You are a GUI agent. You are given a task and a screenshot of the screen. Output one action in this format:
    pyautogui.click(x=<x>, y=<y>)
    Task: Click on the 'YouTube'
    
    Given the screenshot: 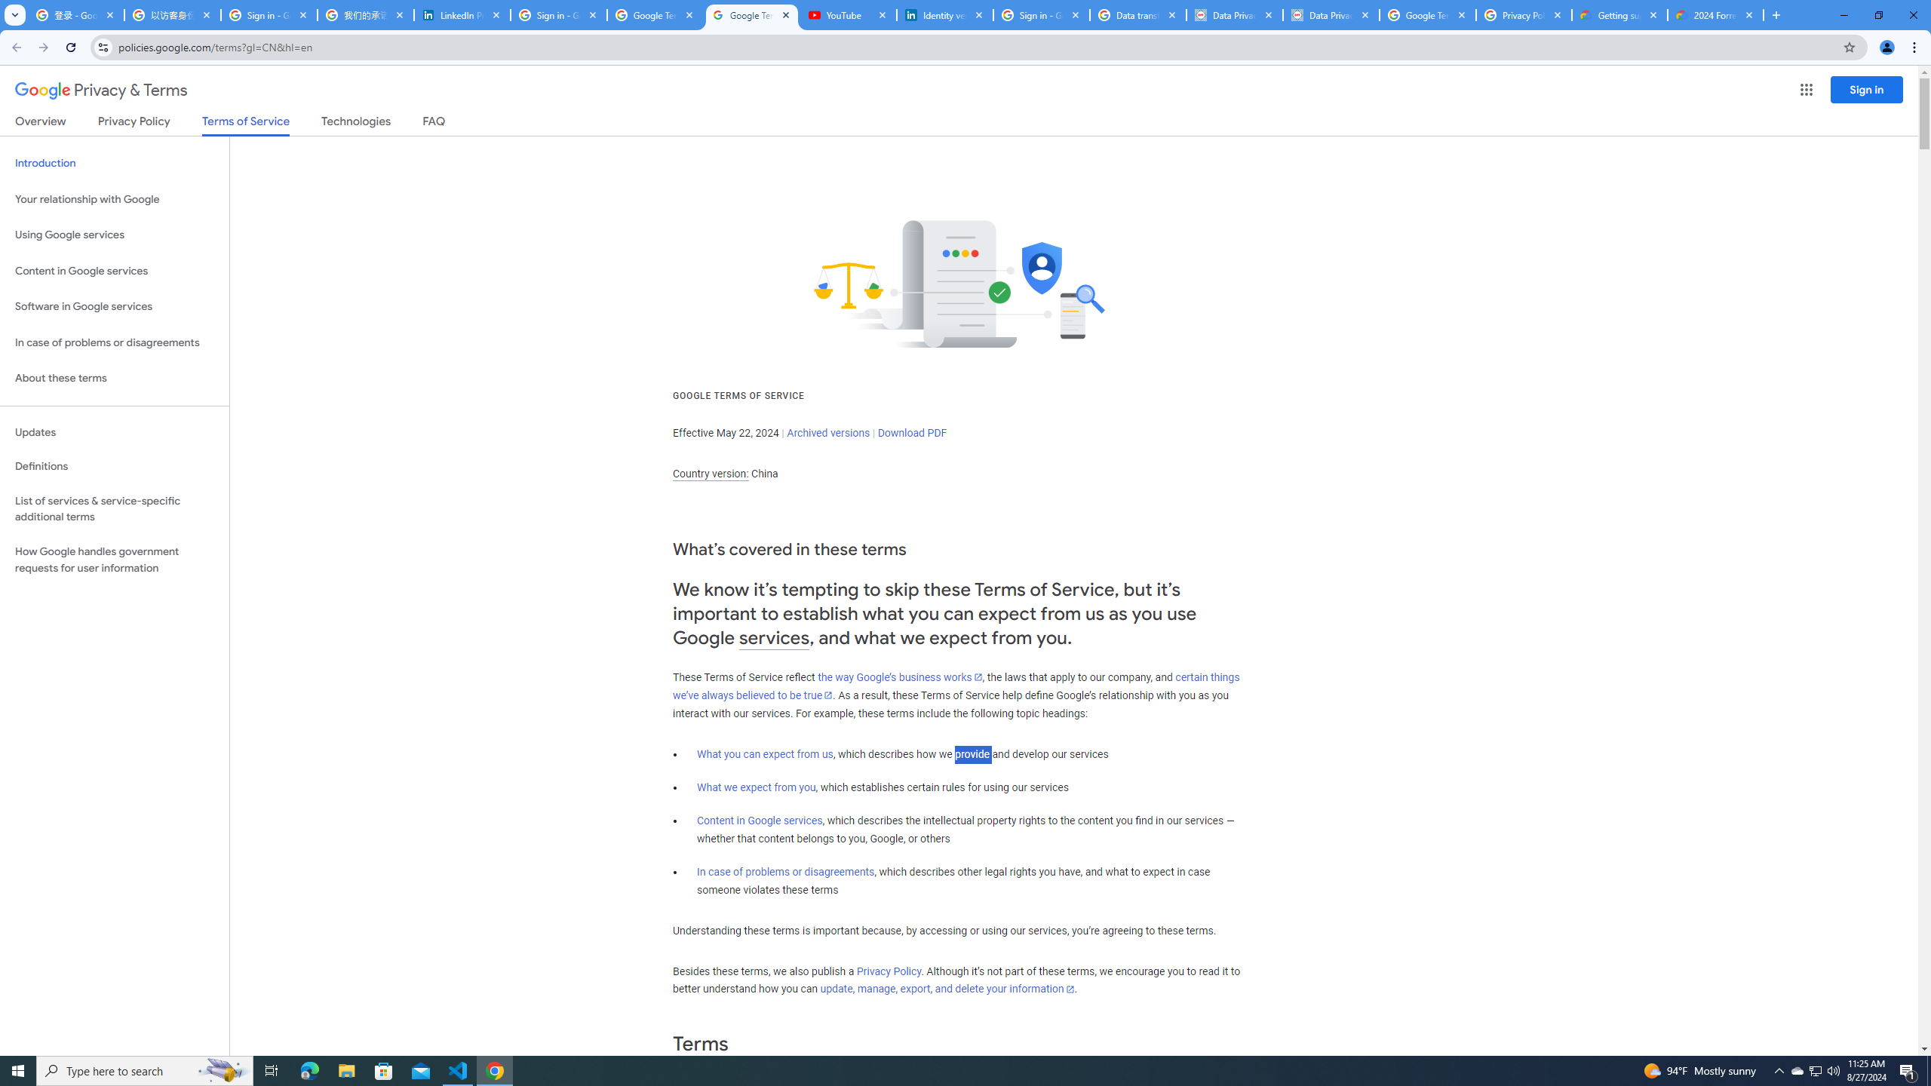 What is the action you would take?
    pyautogui.click(x=849, y=14)
    